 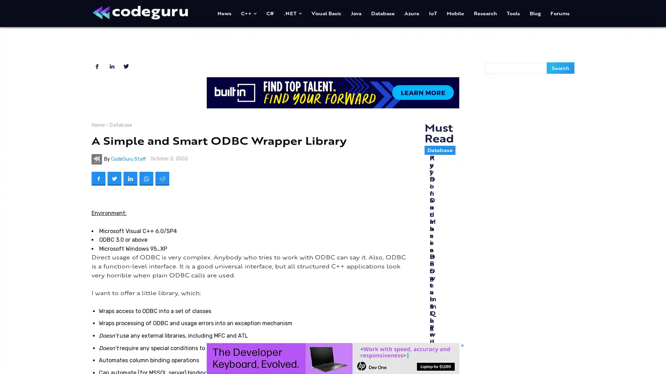 What do you see at coordinates (561, 68) in the screenshot?
I see `Search` at bounding box center [561, 68].